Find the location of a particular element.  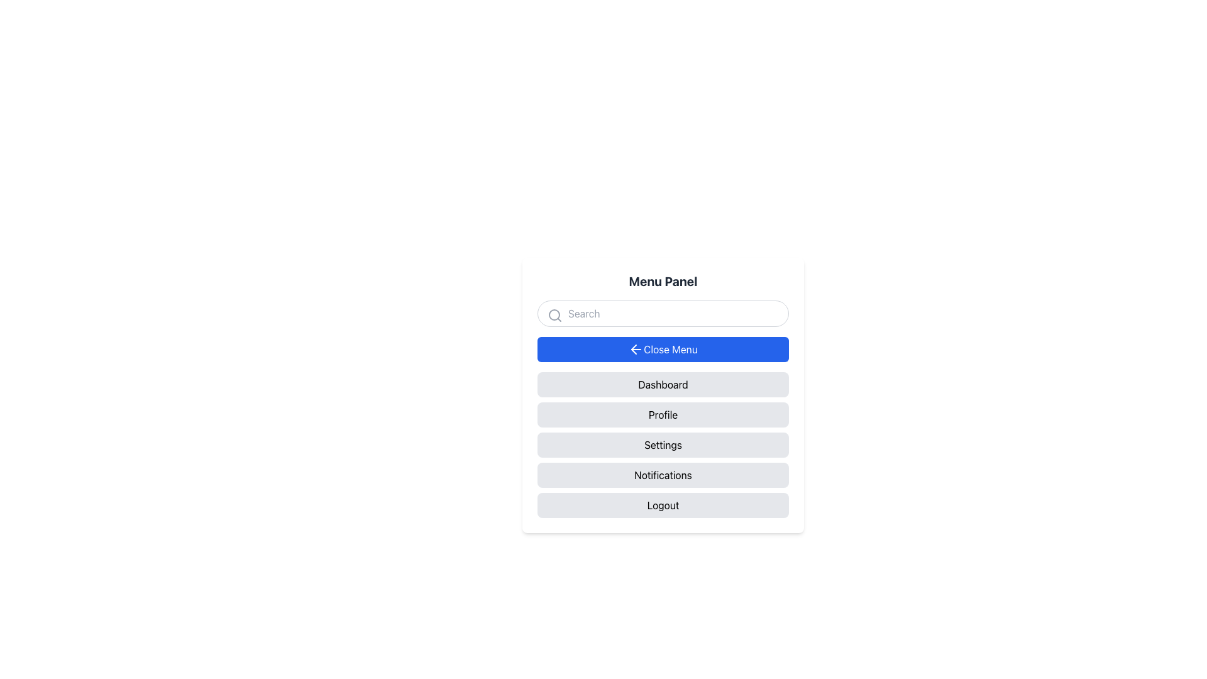

the leftward-pointing arrow icon within the blue button labeled 'Close Menu' to indicate the action of closing the menu is located at coordinates (636, 349).